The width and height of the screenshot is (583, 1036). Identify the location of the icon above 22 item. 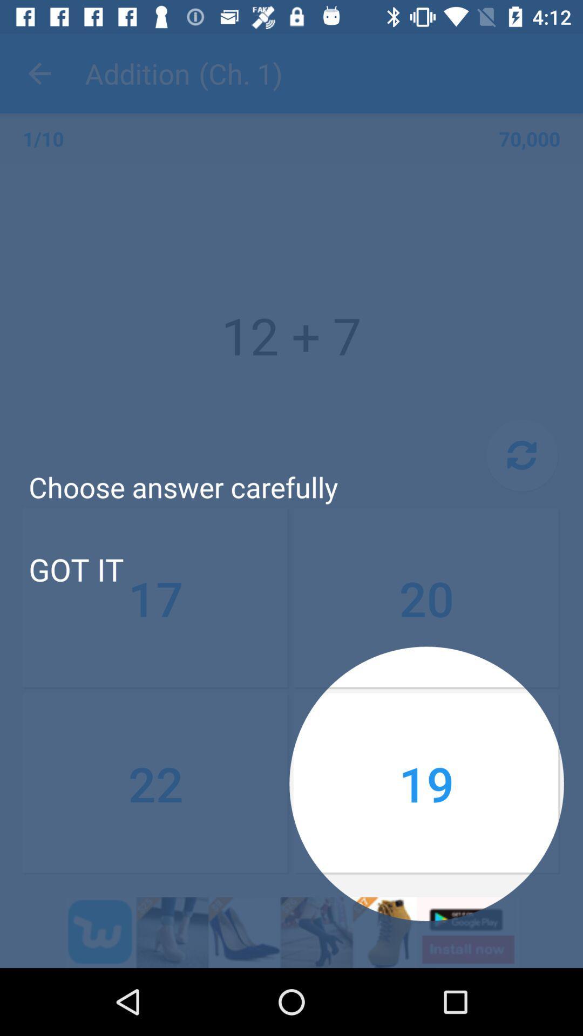
(76, 568).